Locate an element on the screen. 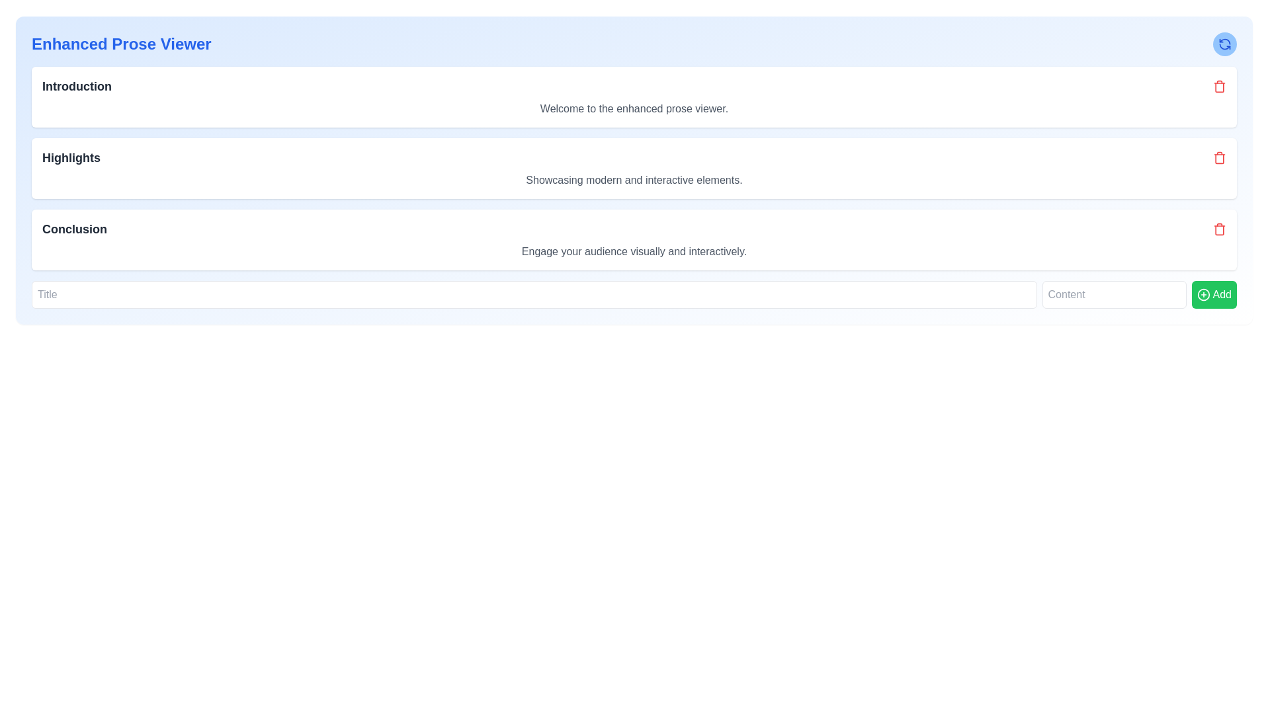 Image resolution: width=1270 pixels, height=714 pixels. the circular refresh button with a light blue background and dark blue refresh icon, located at the far-right end of the top bar titled 'Enhanced Prose Viewer' is located at coordinates (1224, 43).